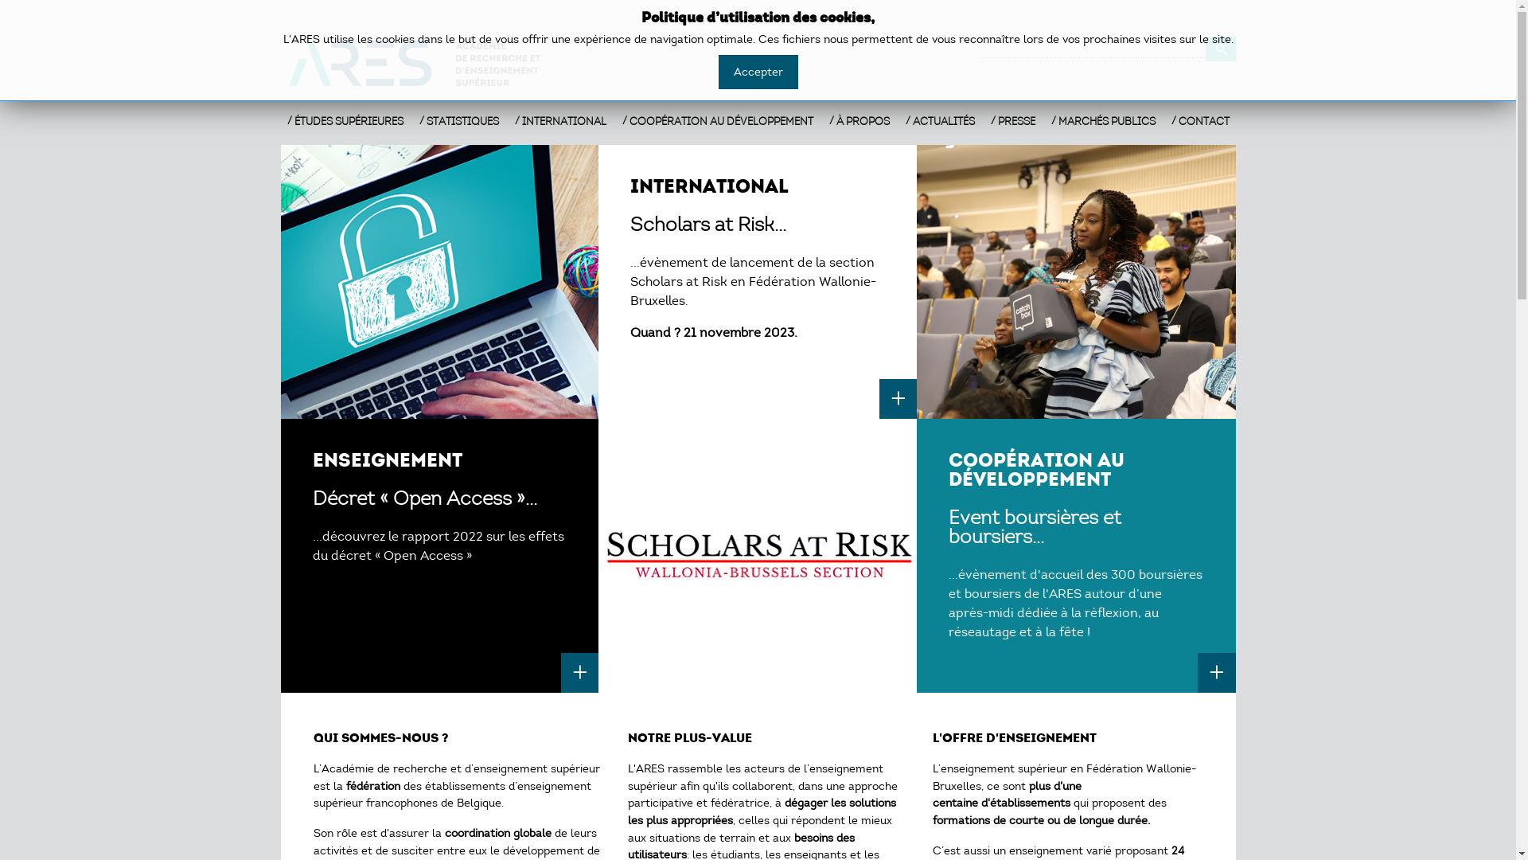 The width and height of the screenshot is (1528, 860). I want to click on 'INTERNATIONAL', so click(559, 120).